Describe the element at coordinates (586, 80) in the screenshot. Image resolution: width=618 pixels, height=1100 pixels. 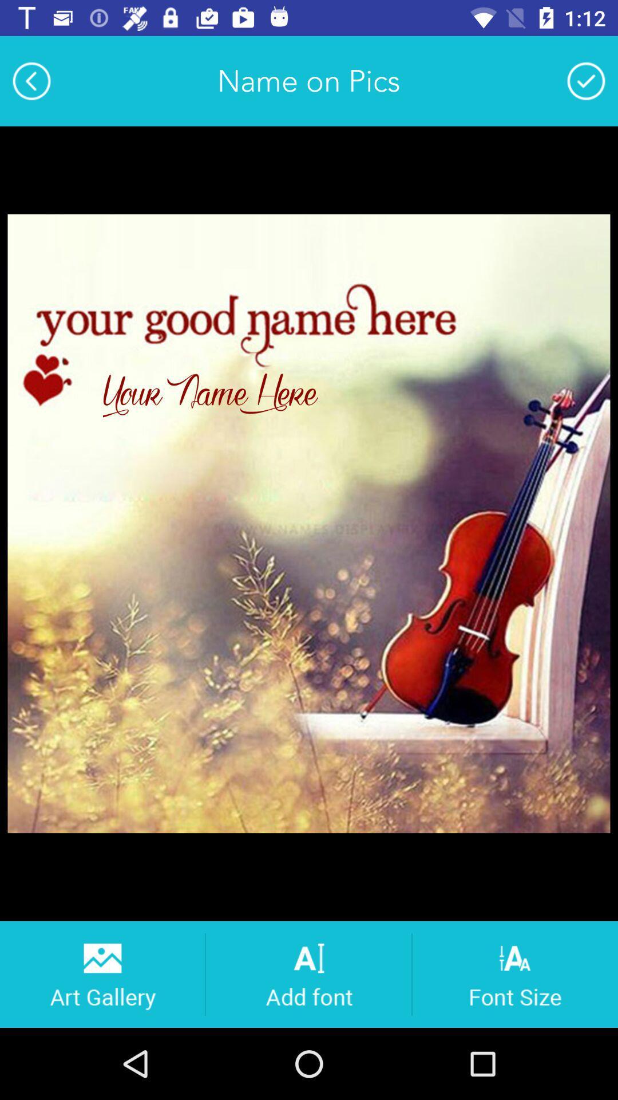
I see `the icon at the top right corner` at that location.